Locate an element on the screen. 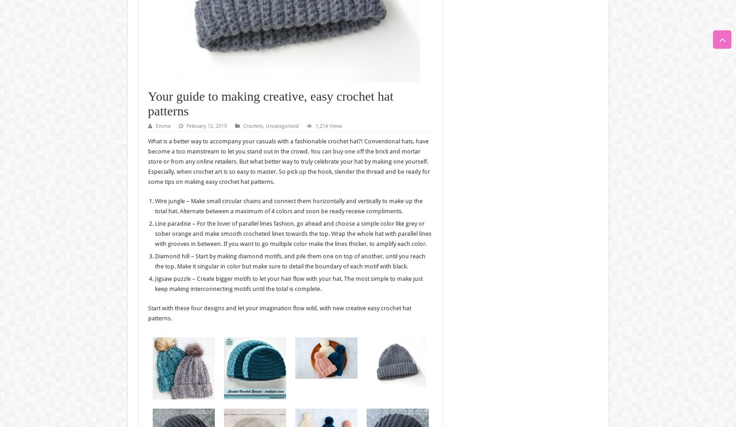  '1,214 Views' is located at coordinates (328, 125).